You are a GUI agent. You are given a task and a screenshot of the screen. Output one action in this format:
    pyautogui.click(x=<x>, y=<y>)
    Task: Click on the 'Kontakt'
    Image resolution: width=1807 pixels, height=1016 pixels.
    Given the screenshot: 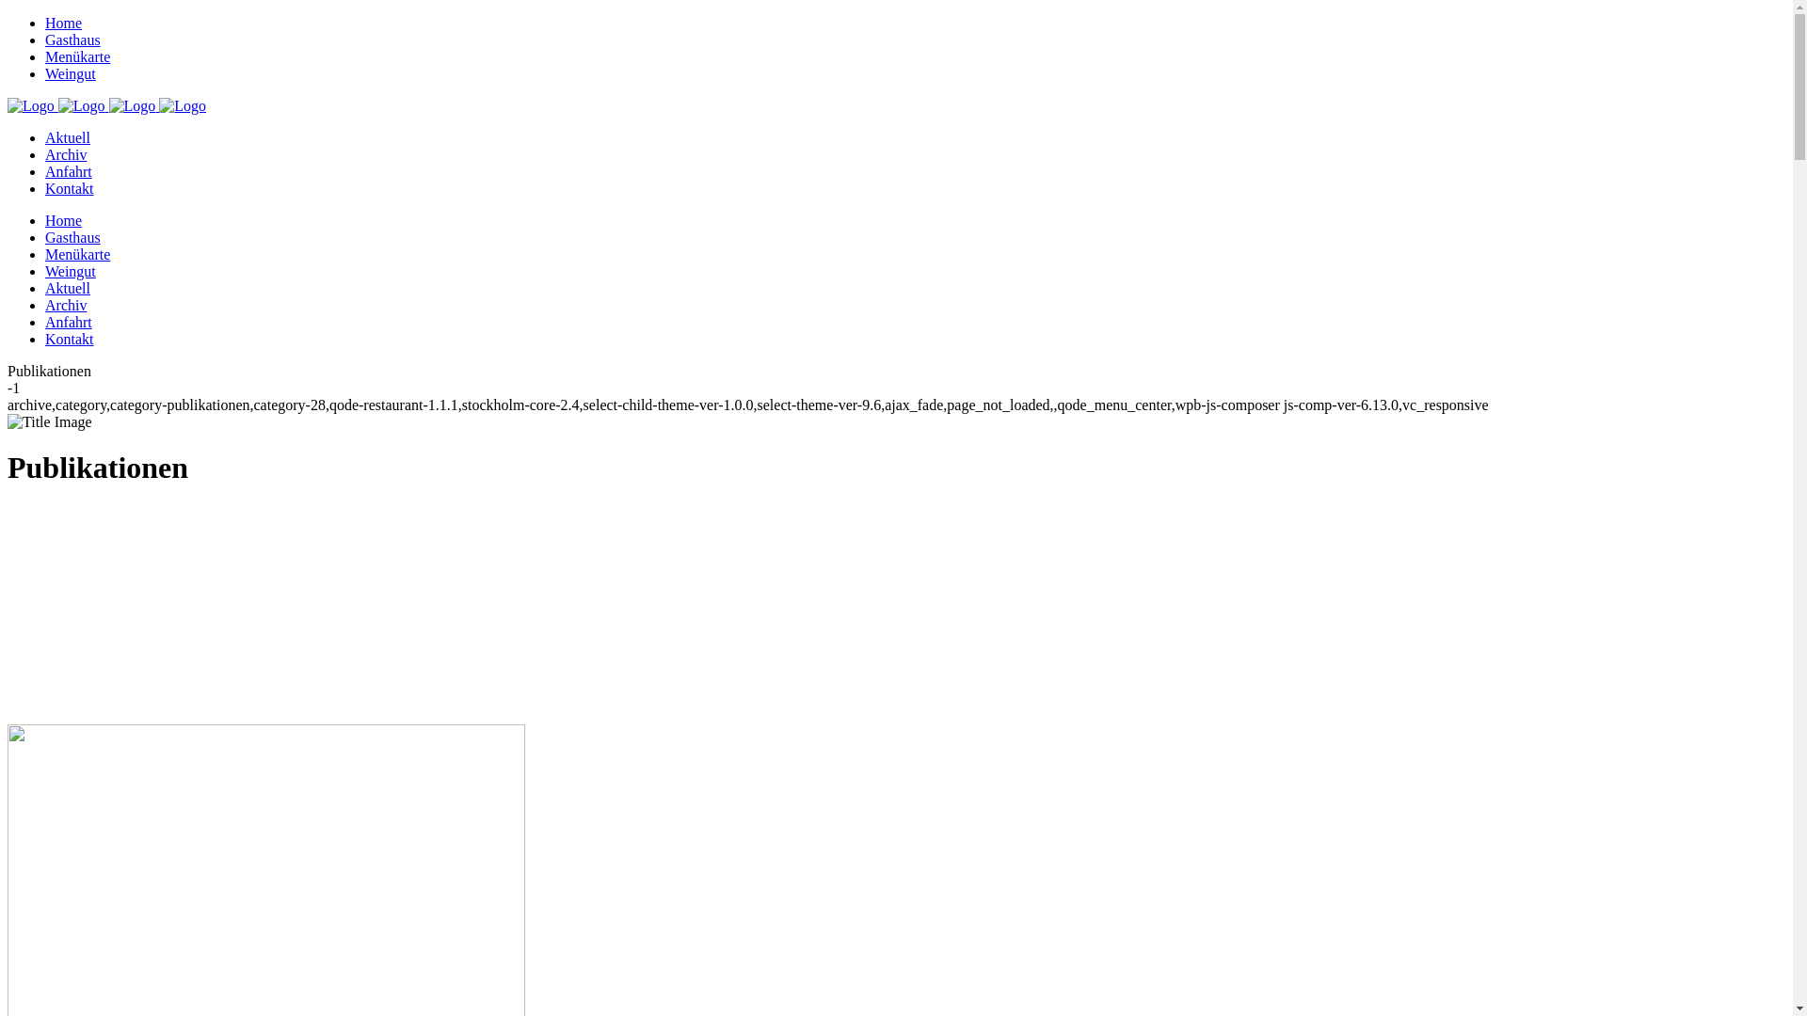 What is the action you would take?
    pyautogui.click(x=69, y=188)
    